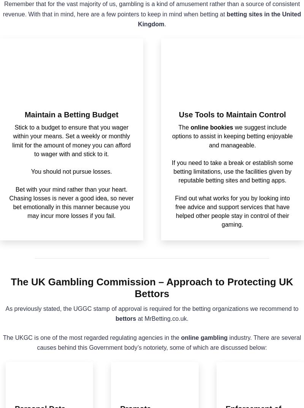 The width and height of the screenshot is (304, 408). I want to click on 'betting sites in the United Kingdom', so click(219, 19).